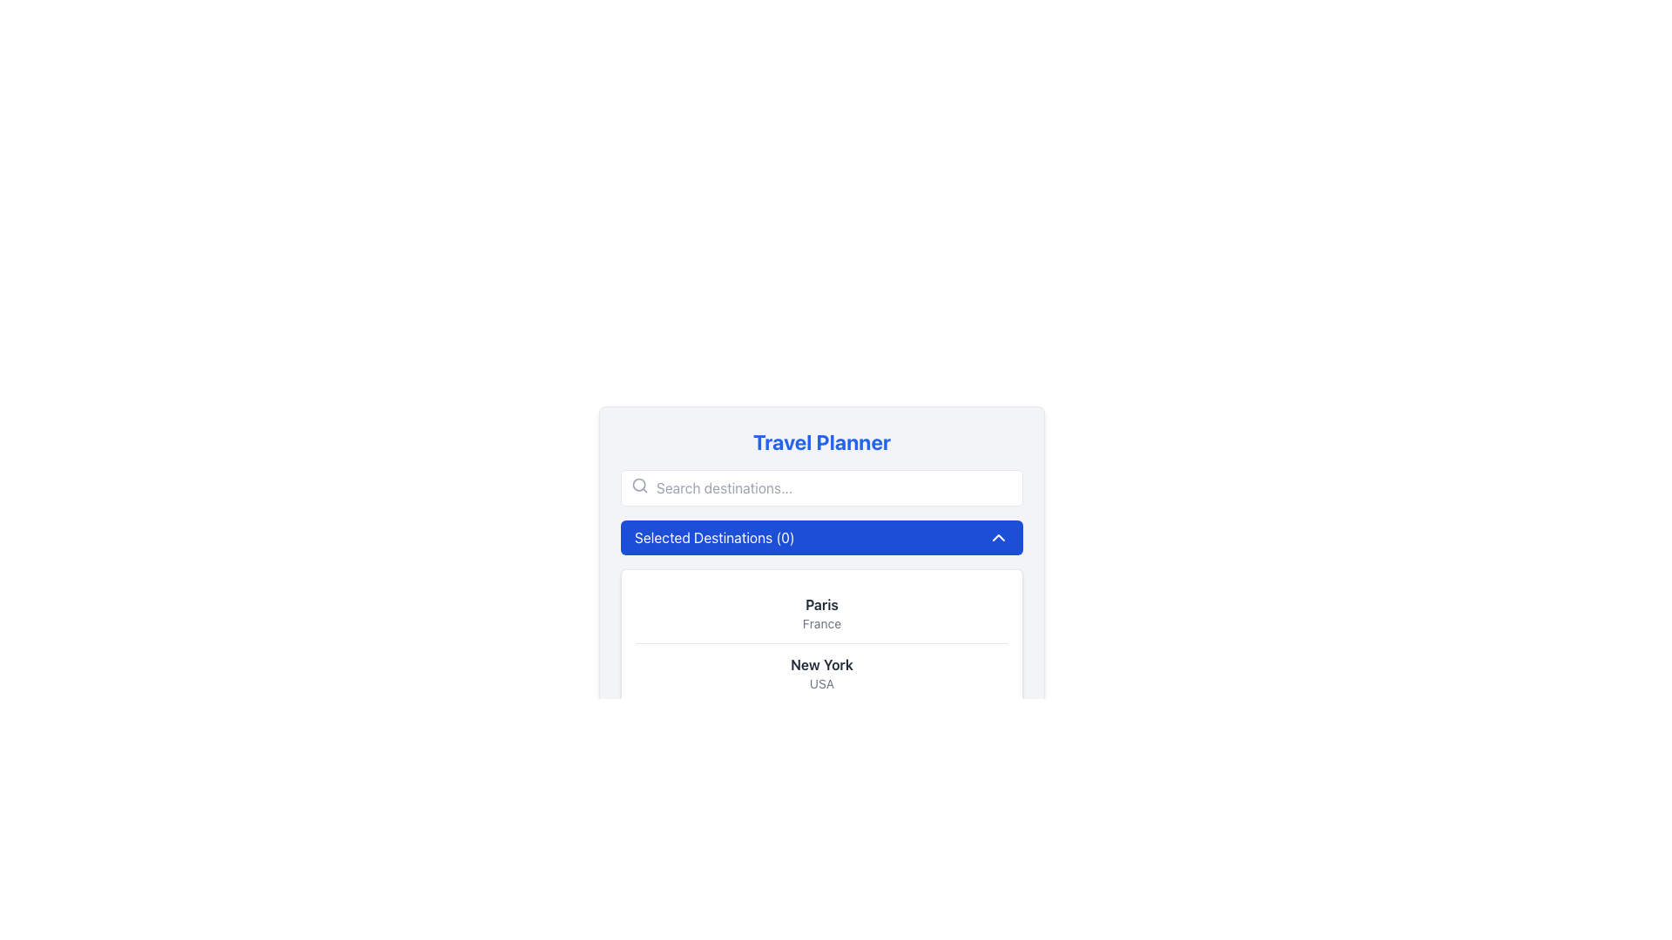  What do you see at coordinates (821, 603) in the screenshot?
I see `text label displaying 'Paris', which is styled in bold, dark gray and located near the top of the 'Selected Destinations' section, above the text 'France'` at bounding box center [821, 603].